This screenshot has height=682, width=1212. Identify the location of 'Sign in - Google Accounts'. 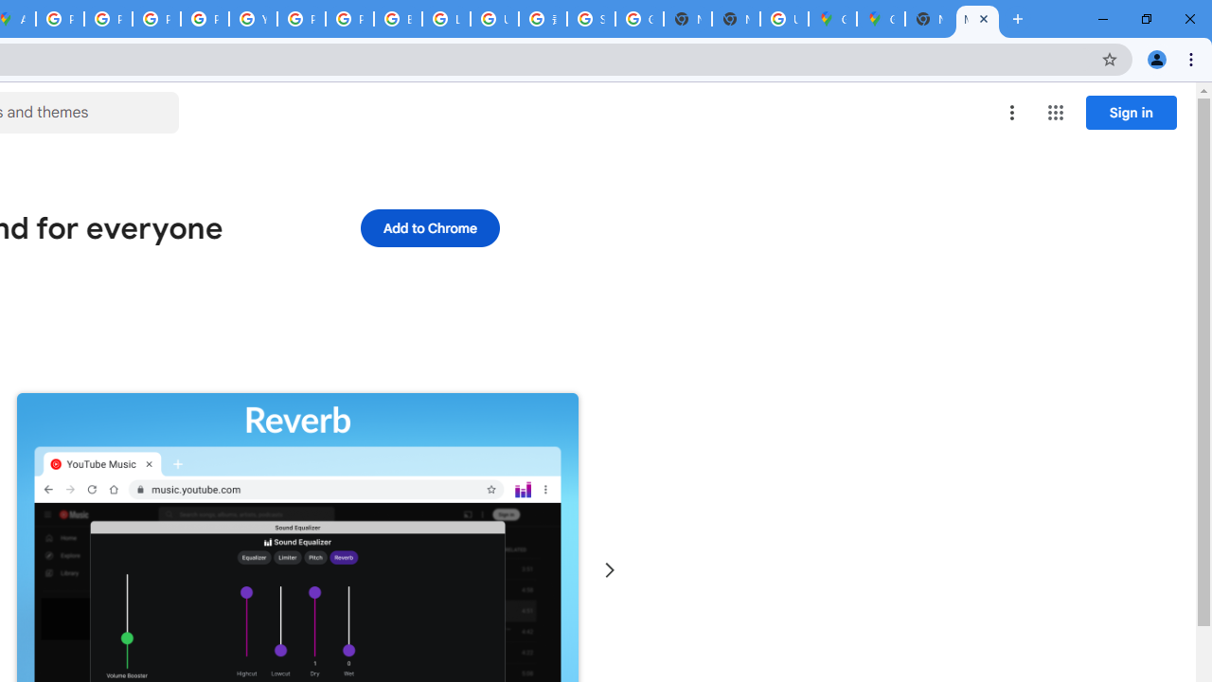
(590, 19).